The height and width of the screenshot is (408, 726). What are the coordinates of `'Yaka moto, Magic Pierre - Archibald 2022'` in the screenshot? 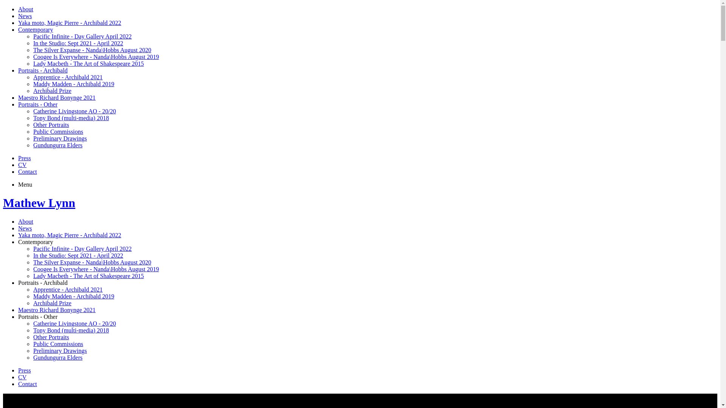 It's located at (18, 22).